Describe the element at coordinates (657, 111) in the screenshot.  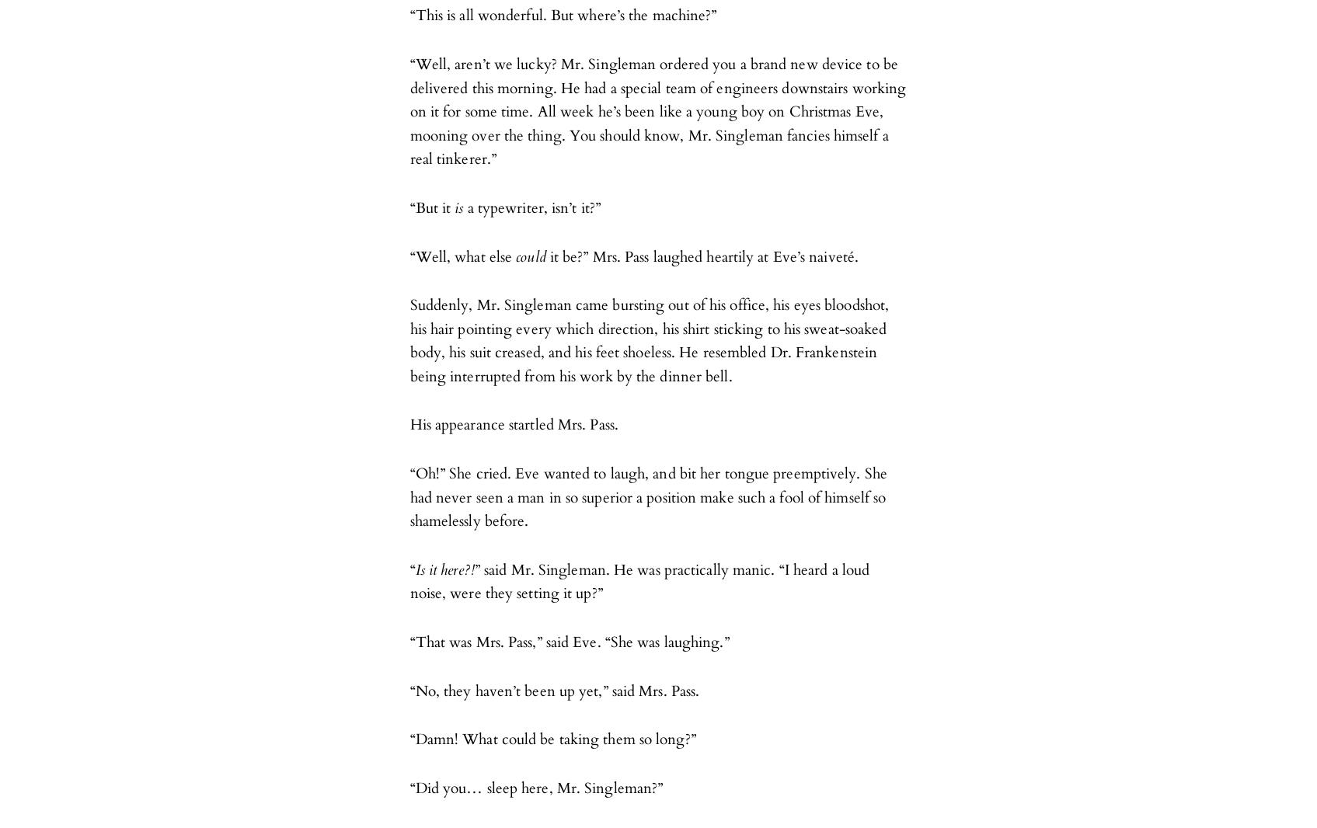
I see `'“Well, aren’t we lucky? Mr. Singleman ordered you a brand new device to be delivered this morning. He had a special team of engineers downstairs working on it for some time. All week he’s been like a young boy on Christmas Eve, mooning over the thing. You should know, Mr. Singleman fancies himself a real tinkerer.”'` at that location.